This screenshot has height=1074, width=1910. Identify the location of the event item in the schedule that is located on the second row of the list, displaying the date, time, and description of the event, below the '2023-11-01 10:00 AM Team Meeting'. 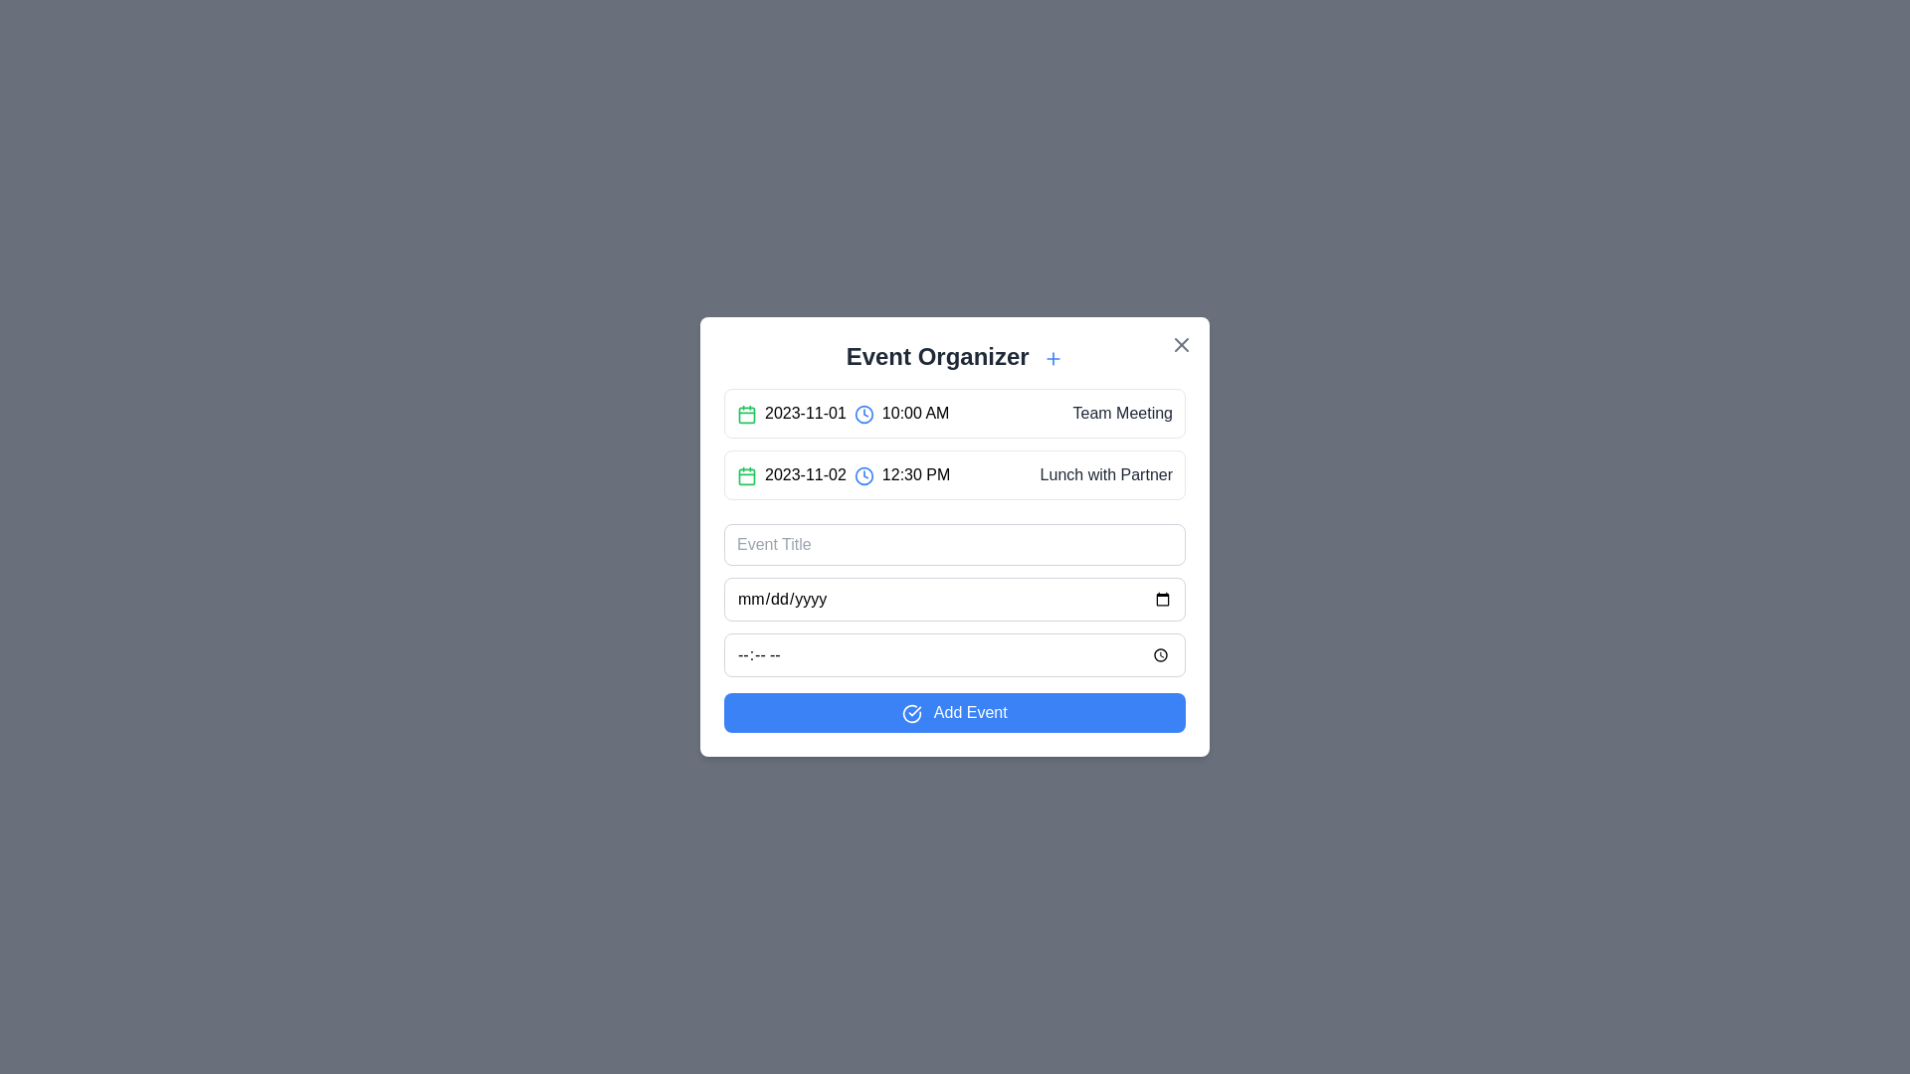
(955, 475).